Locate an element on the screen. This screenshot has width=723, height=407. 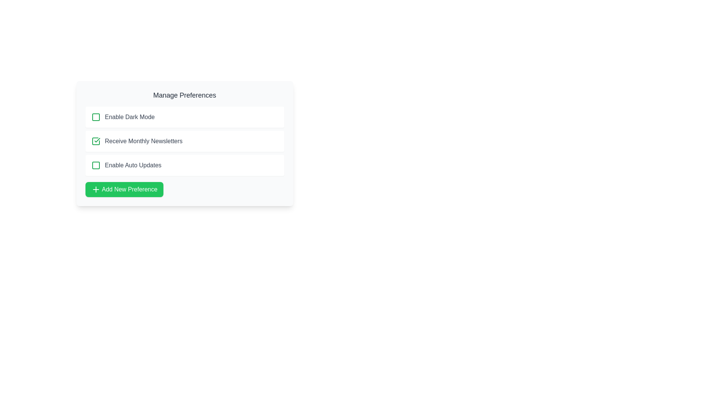
the label reading 'Receive Monthly Newsletters' which is styled in gray font and appears next to the green-checked checkbox is located at coordinates (143, 141).